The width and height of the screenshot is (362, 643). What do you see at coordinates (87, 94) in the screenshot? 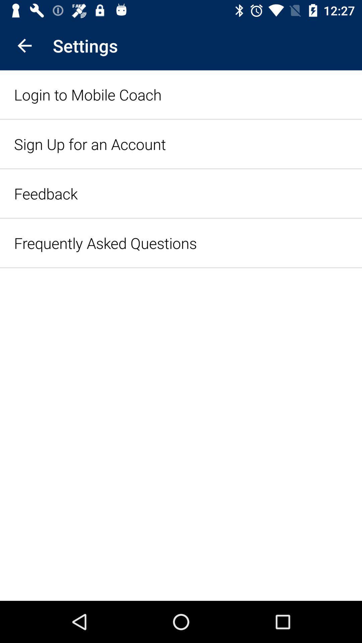
I see `login to mobile icon` at bounding box center [87, 94].